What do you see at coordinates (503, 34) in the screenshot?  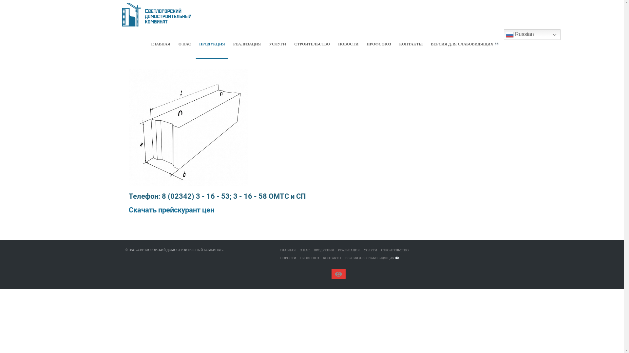 I see `'Russian'` at bounding box center [503, 34].